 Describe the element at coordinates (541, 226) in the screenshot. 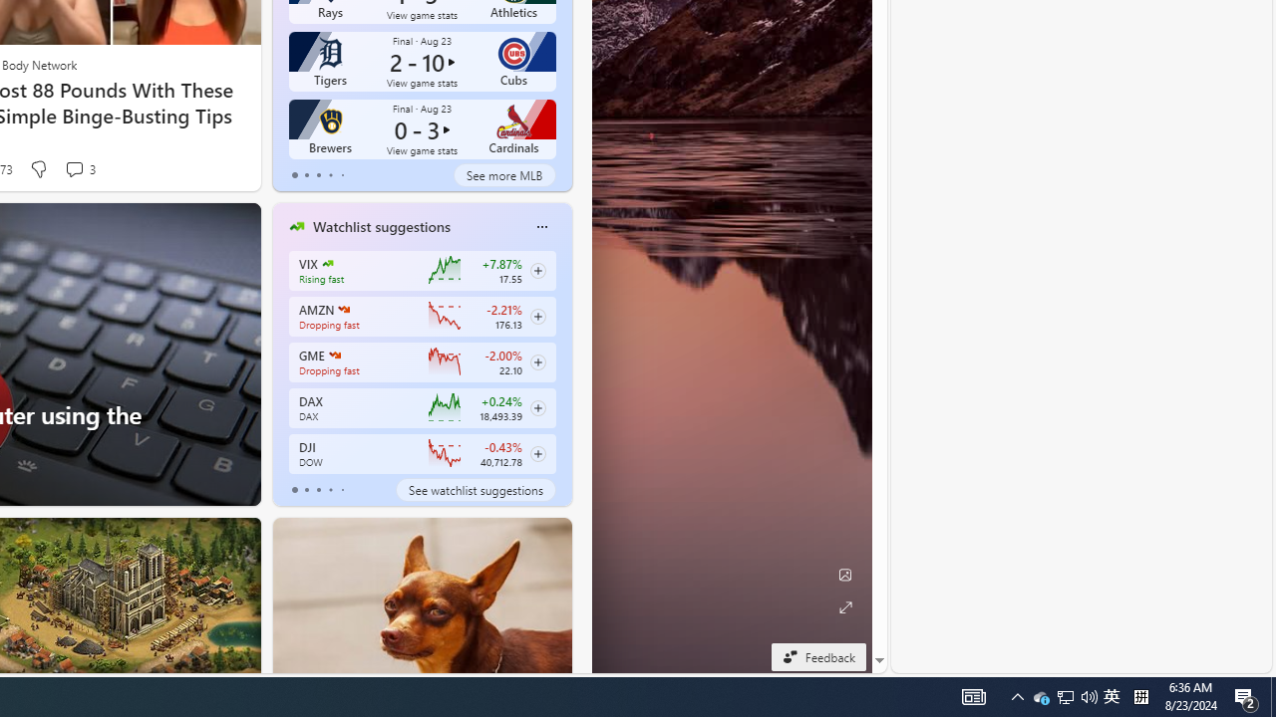

I see `'Class: icon-img'` at that location.